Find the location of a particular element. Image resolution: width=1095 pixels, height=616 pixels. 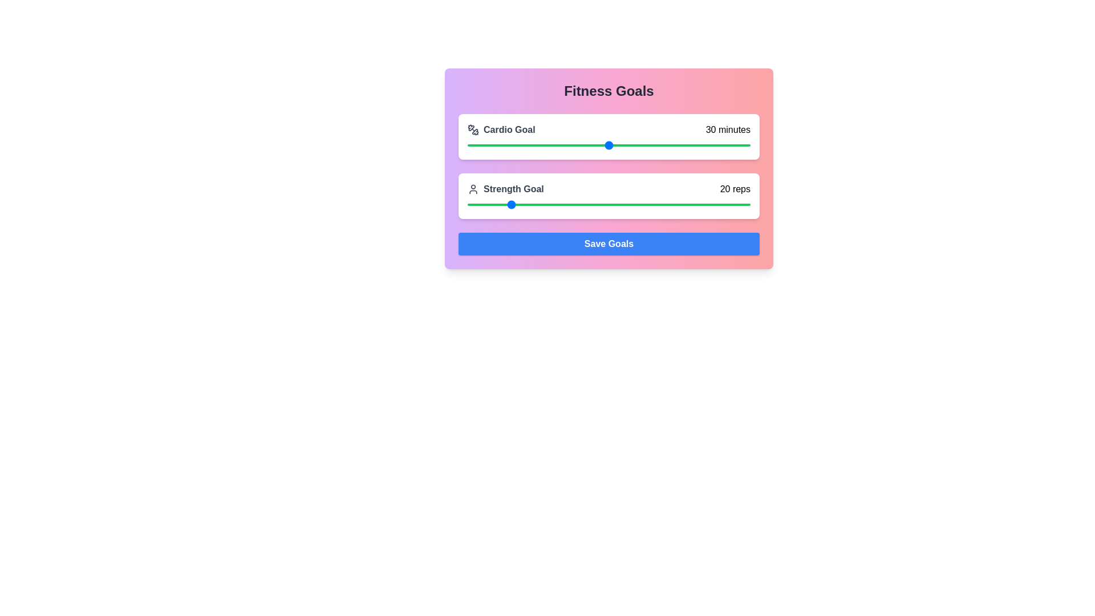

the strength goal is located at coordinates (645, 204).